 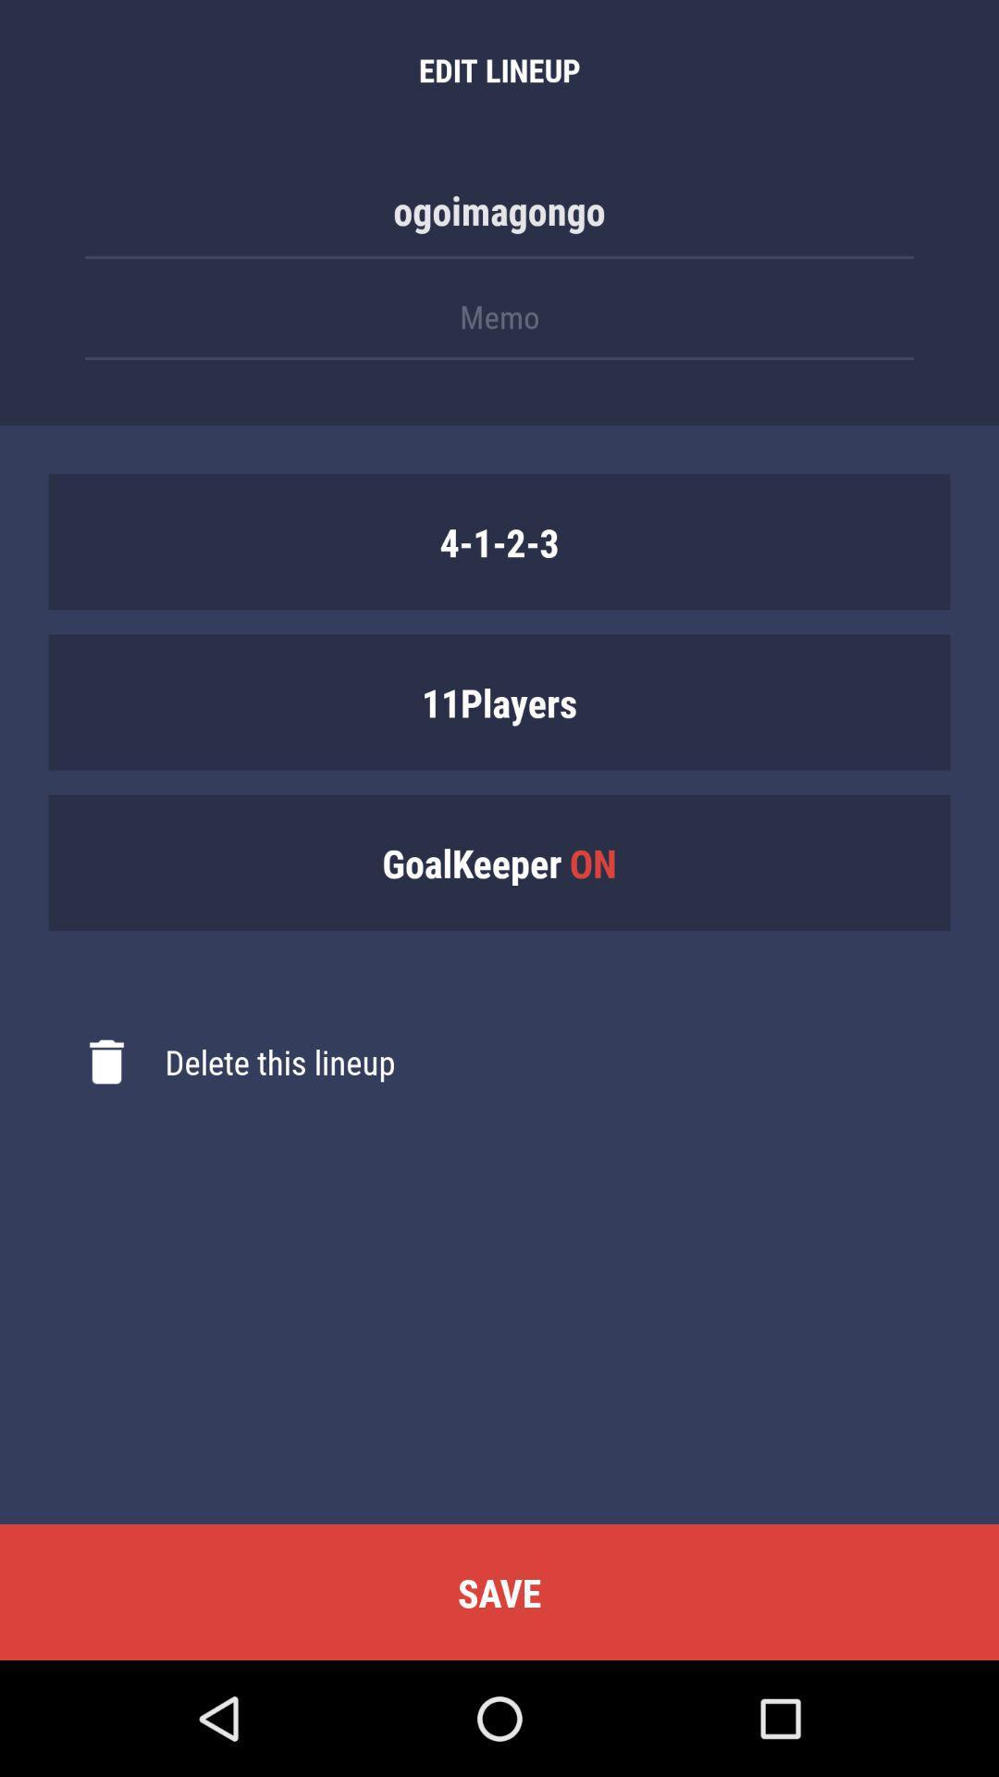 I want to click on save item, so click(x=499, y=1591).